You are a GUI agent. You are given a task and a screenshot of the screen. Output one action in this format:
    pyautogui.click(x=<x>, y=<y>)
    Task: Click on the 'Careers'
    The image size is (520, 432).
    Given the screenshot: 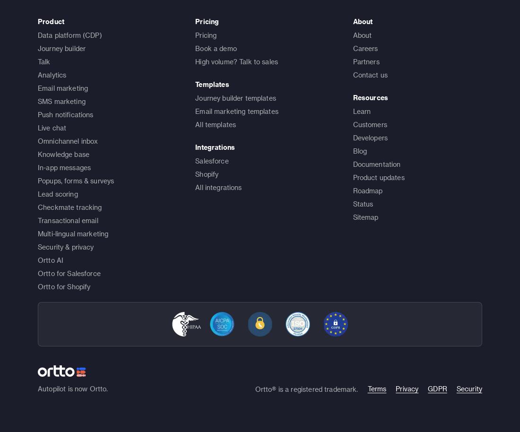 What is the action you would take?
    pyautogui.click(x=365, y=48)
    